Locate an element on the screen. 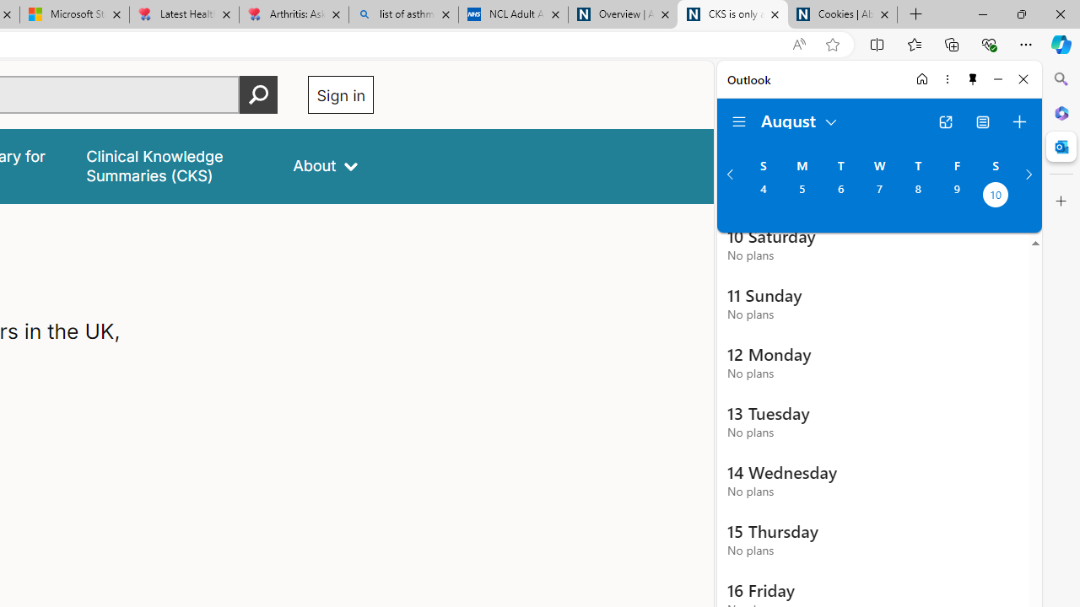 The height and width of the screenshot is (607, 1080). 'Home' is located at coordinates (921, 78).